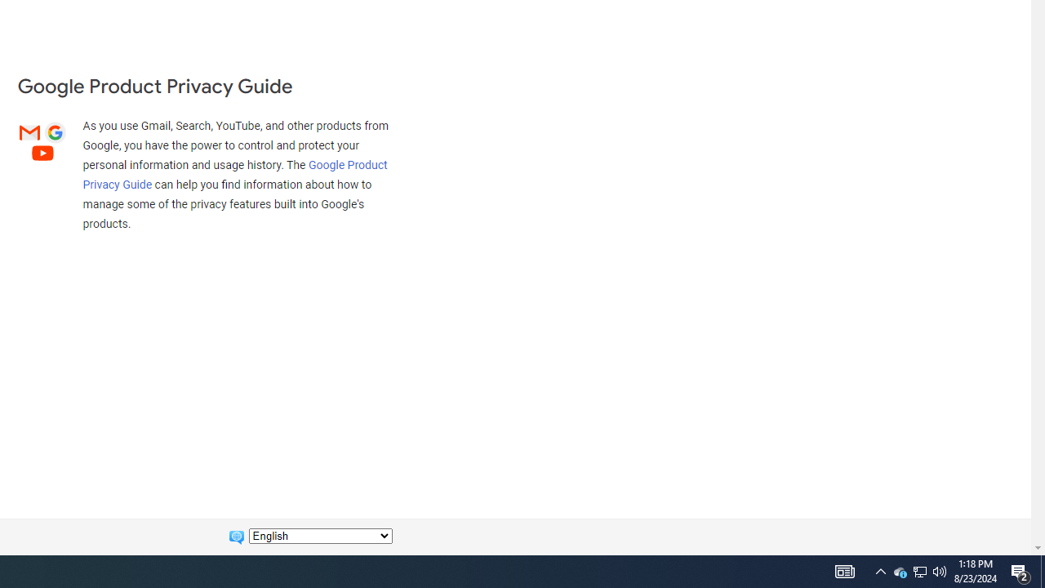 The width and height of the screenshot is (1045, 588). Describe the element at coordinates (234, 174) in the screenshot. I see `'Google Product Privacy Guide'` at that location.